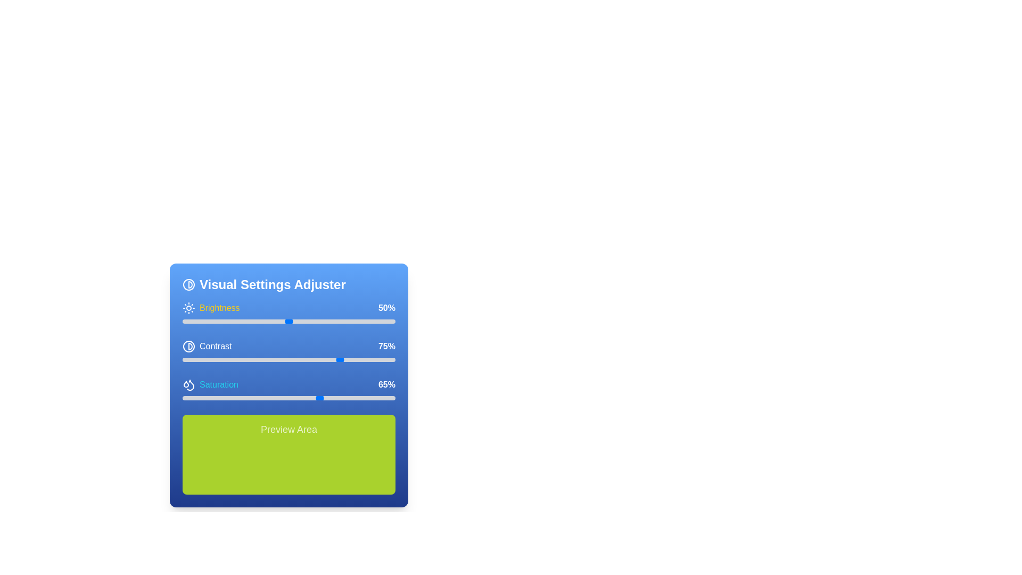 This screenshot has width=1022, height=575. Describe the element at coordinates (208, 321) in the screenshot. I see `the brightness level` at that location.